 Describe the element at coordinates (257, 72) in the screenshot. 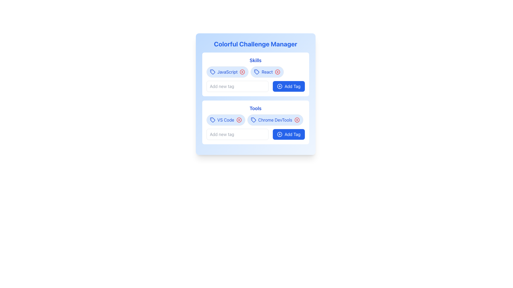

I see `the blue outlined tag icon in the 'React' button, which is the second tag from the left in the 'Skills' section, positioned to the right of the 'JavaScript' tag` at that location.